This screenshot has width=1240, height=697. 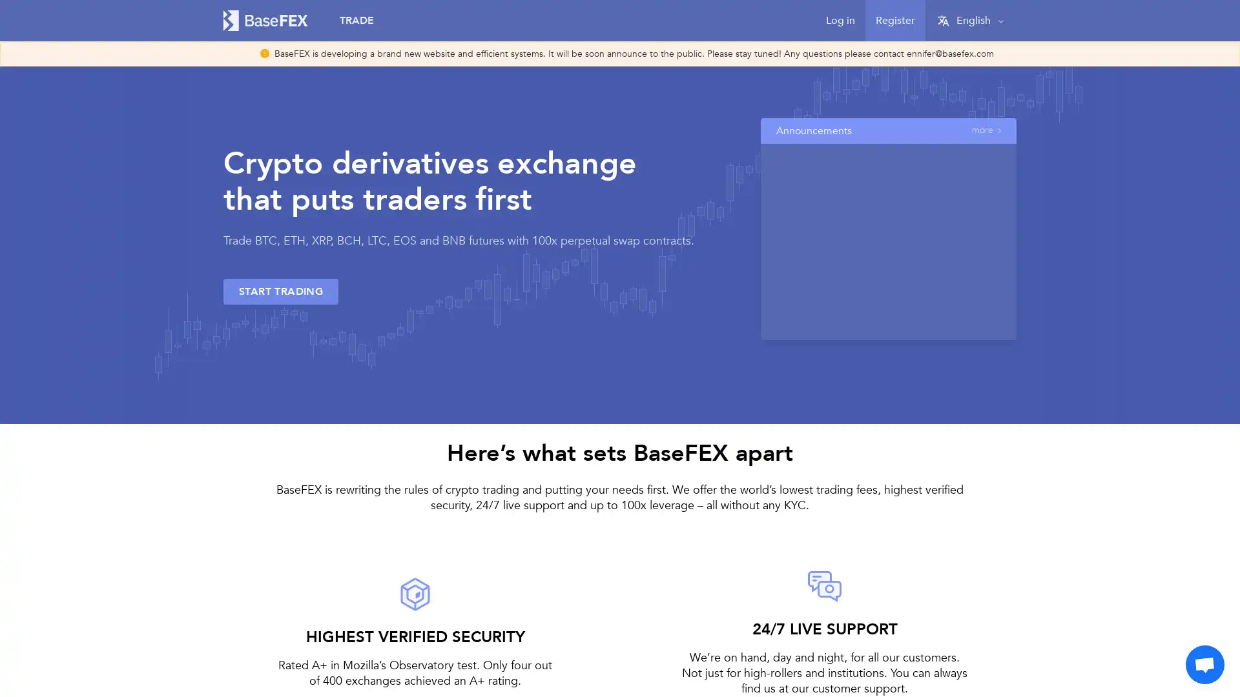 I want to click on START TRADING, so click(x=280, y=291).